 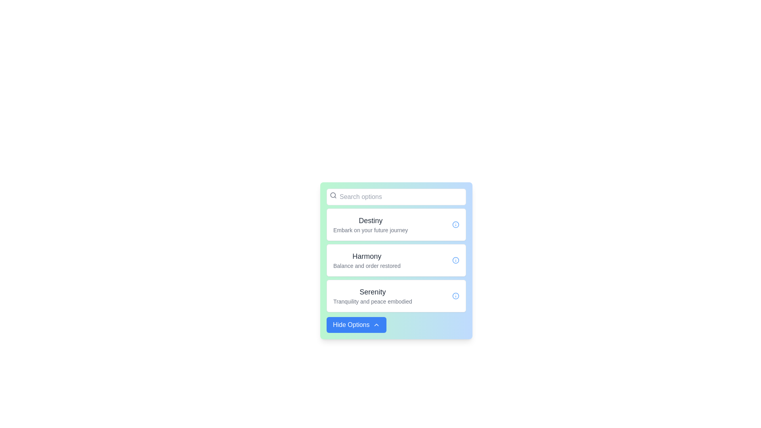 What do you see at coordinates (396, 225) in the screenshot?
I see `the first option in the dropdown menu labeled 'Destiny', which includes a bold heading and a rounded blue info icon` at bounding box center [396, 225].